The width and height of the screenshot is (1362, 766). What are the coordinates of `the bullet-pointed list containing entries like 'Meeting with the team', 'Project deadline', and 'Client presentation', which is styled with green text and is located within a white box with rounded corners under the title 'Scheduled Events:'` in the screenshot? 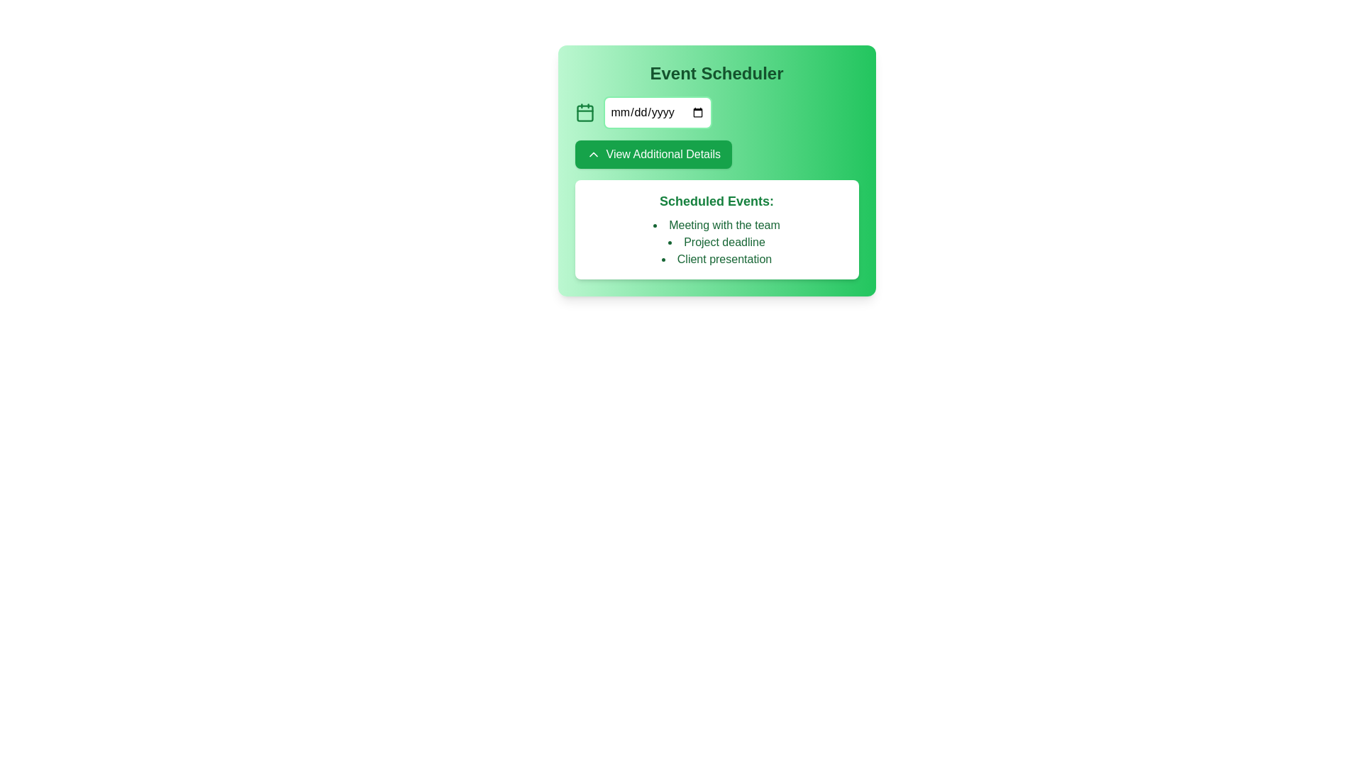 It's located at (716, 242).